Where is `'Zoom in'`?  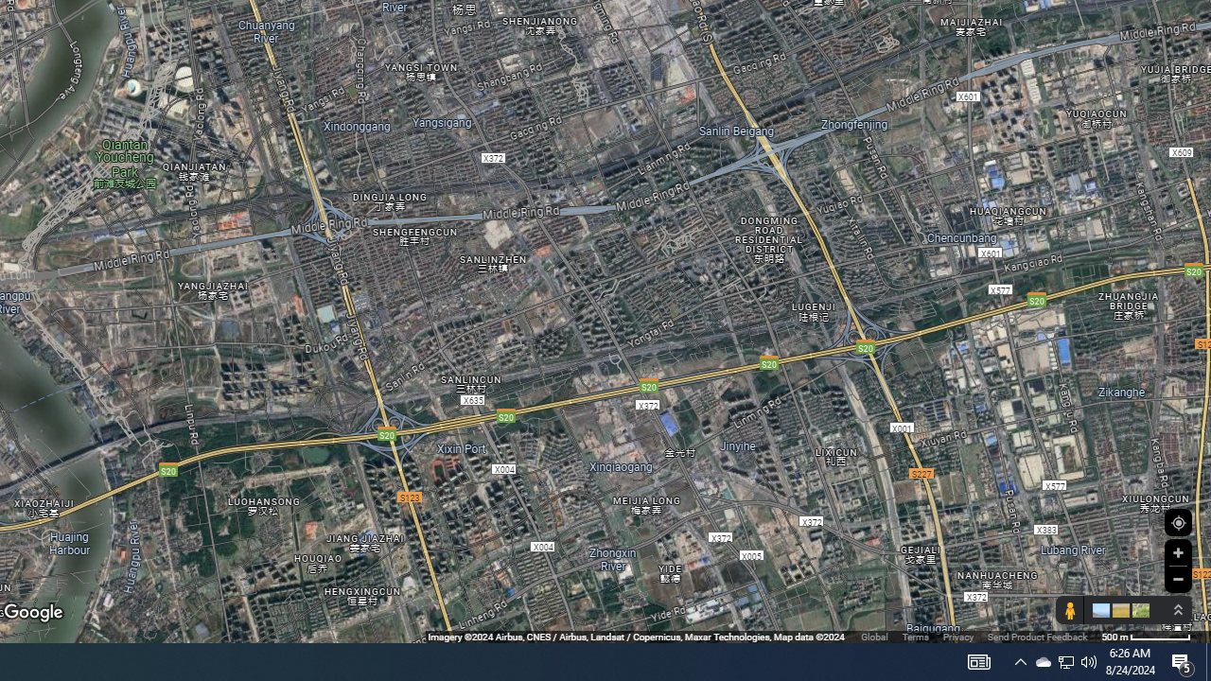 'Zoom in' is located at coordinates (1177, 552).